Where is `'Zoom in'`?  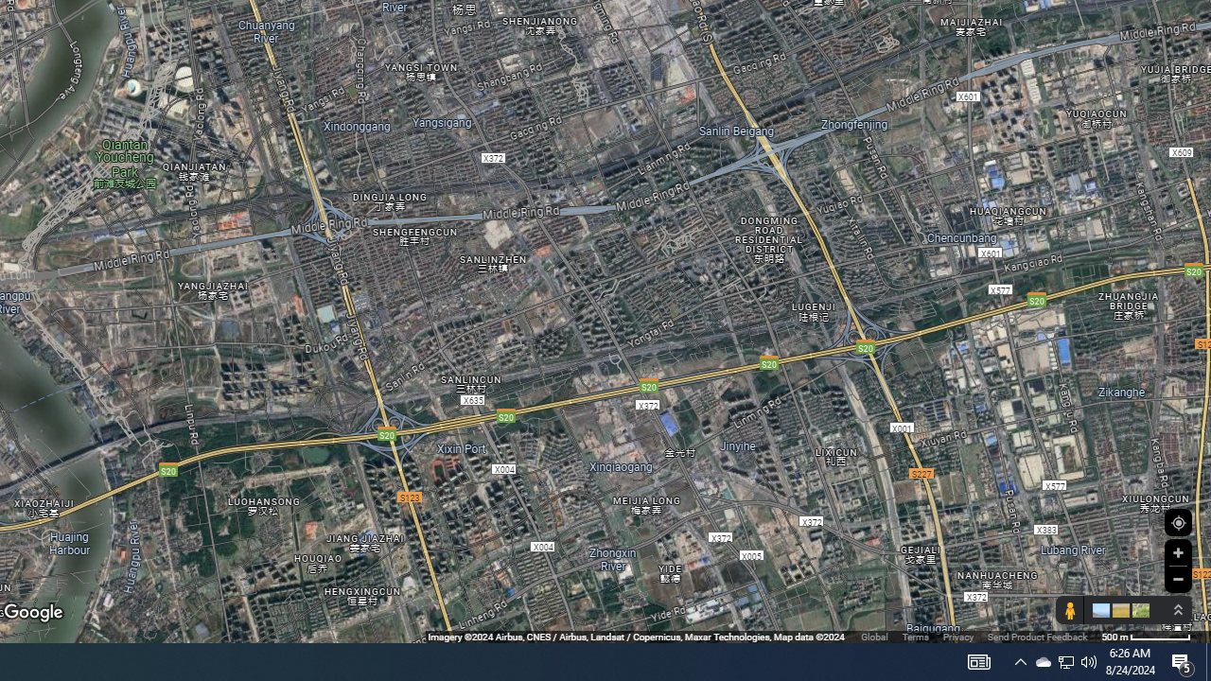 'Zoom in' is located at coordinates (1177, 552).